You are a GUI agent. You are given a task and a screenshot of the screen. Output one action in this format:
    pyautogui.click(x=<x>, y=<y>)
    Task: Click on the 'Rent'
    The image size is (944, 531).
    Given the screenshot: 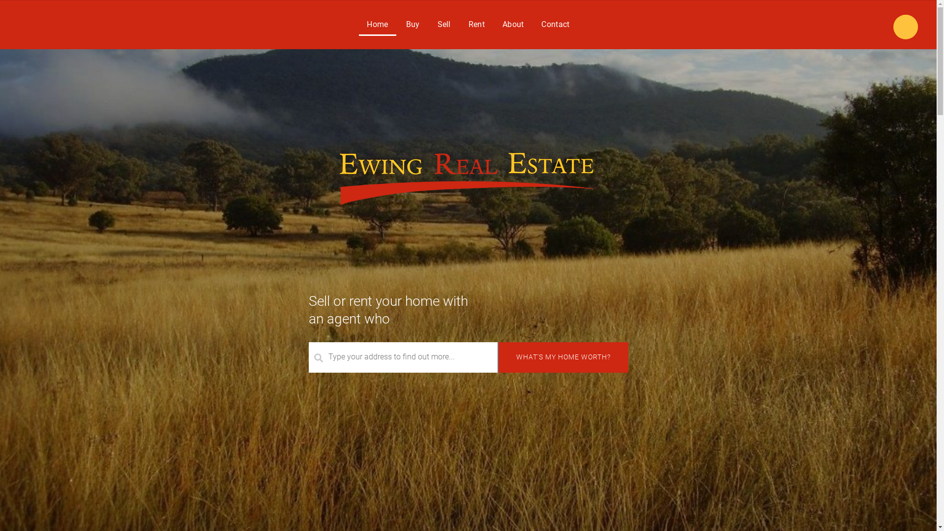 What is the action you would take?
    pyautogui.click(x=476, y=24)
    